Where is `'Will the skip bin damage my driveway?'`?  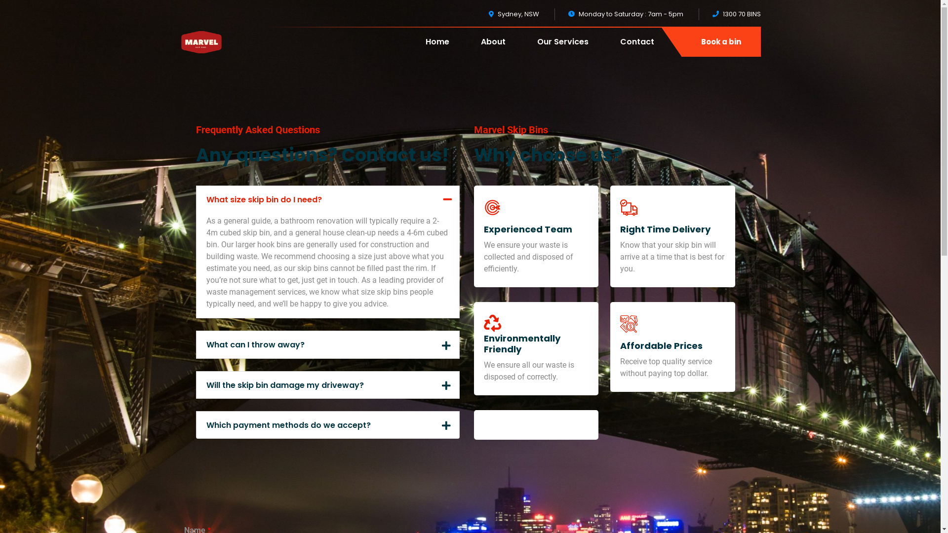
'Will the skip bin damage my driveway?' is located at coordinates (327, 384).